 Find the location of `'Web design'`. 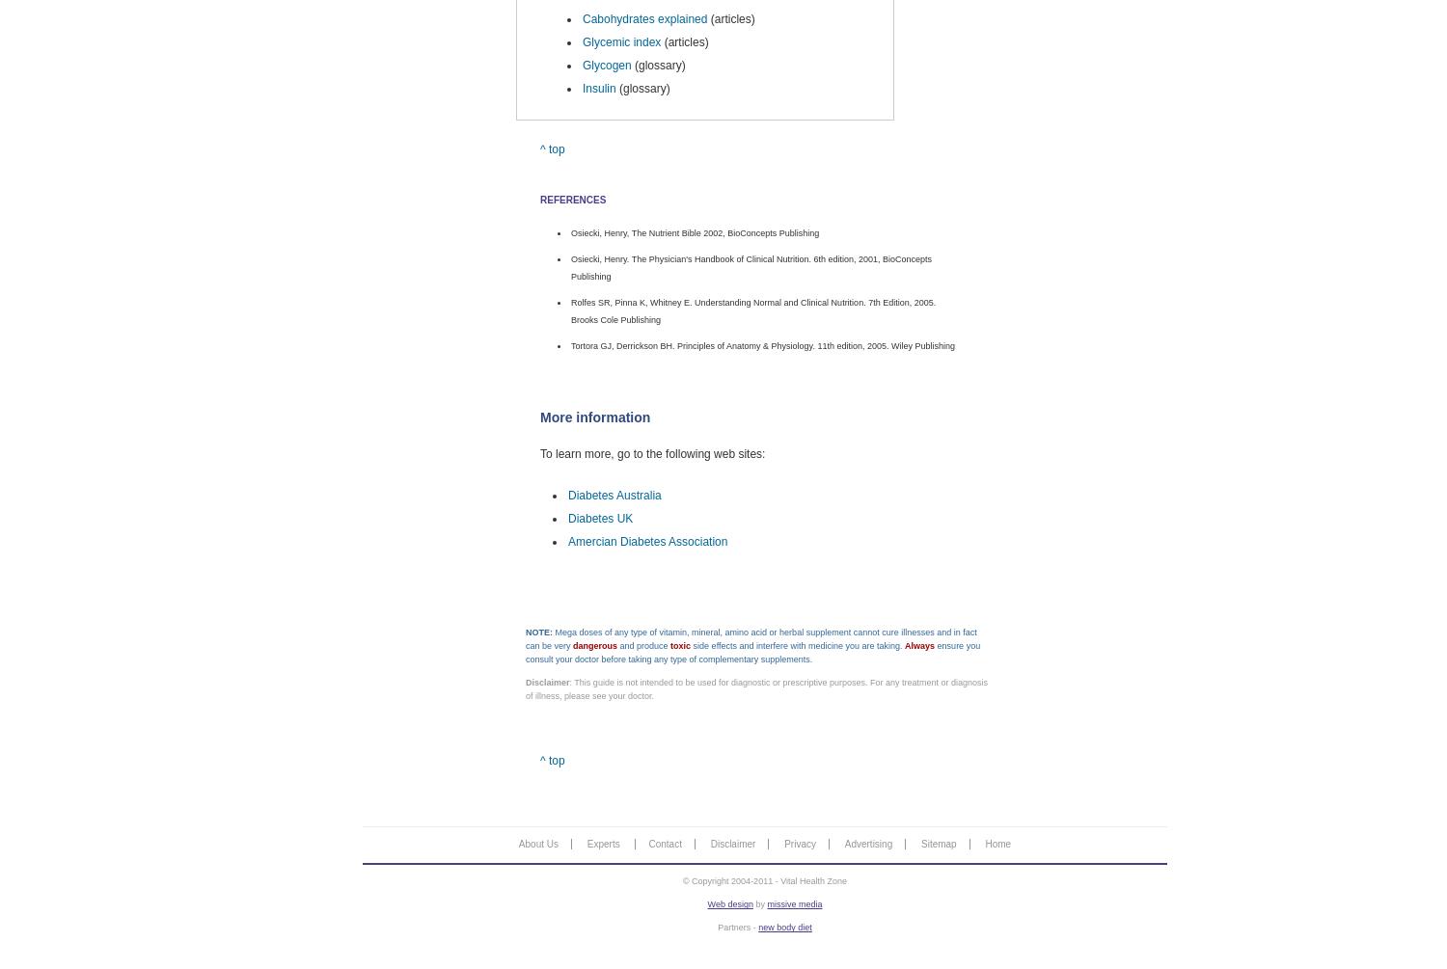

'Web design' is located at coordinates (729, 902).